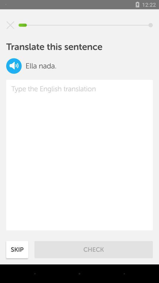 The width and height of the screenshot is (159, 283). What do you see at coordinates (17, 249) in the screenshot?
I see `item at the bottom left corner` at bounding box center [17, 249].